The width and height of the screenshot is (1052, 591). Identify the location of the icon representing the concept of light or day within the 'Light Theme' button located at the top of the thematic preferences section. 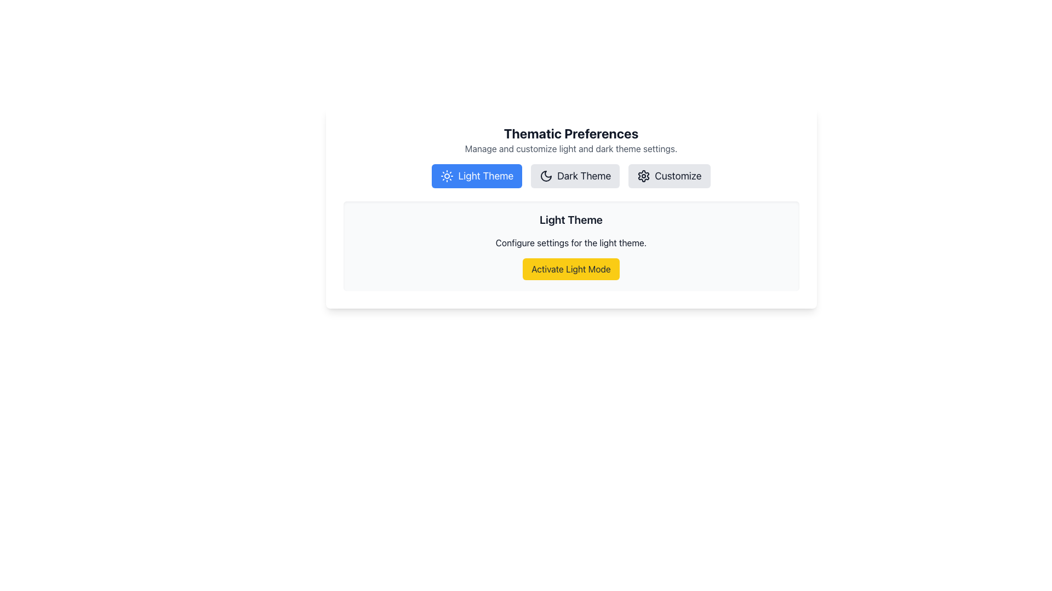
(447, 175).